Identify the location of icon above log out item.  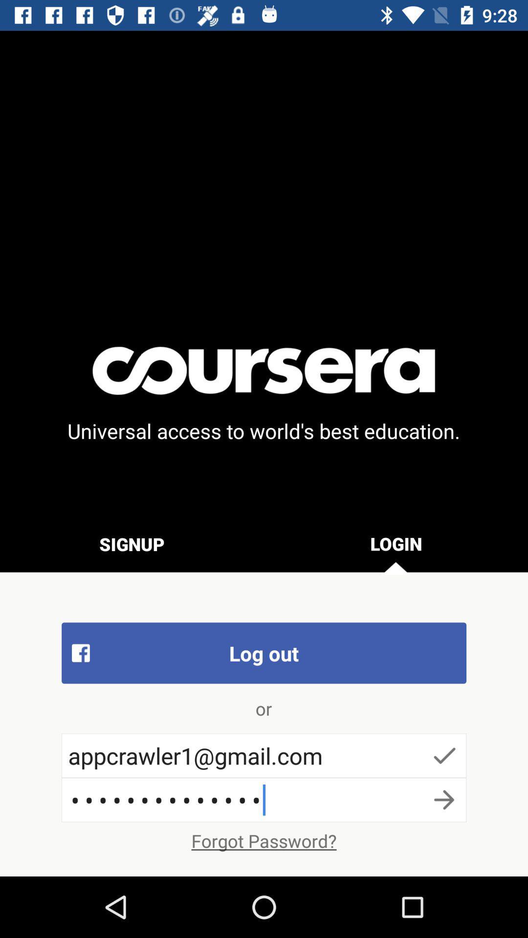
(132, 543).